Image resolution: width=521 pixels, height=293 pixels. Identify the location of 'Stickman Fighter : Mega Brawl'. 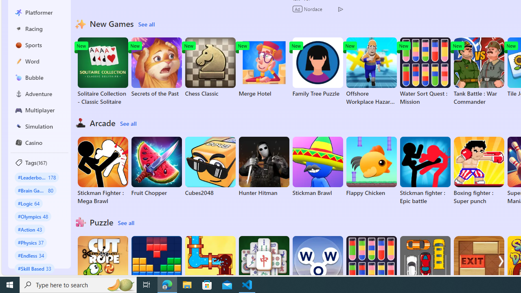
(102, 171).